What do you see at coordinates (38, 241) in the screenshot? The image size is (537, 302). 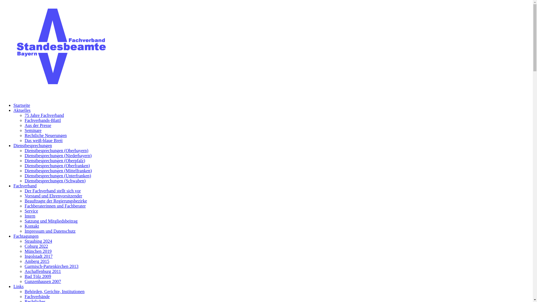 I see `'Straubing 2024'` at bounding box center [38, 241].